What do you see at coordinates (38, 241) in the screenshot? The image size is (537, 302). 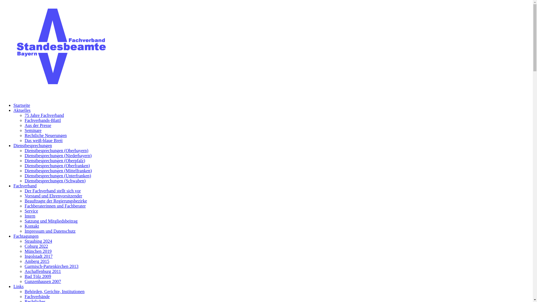 I see `'Straubing 2024'` at bounding box center [38, 241].